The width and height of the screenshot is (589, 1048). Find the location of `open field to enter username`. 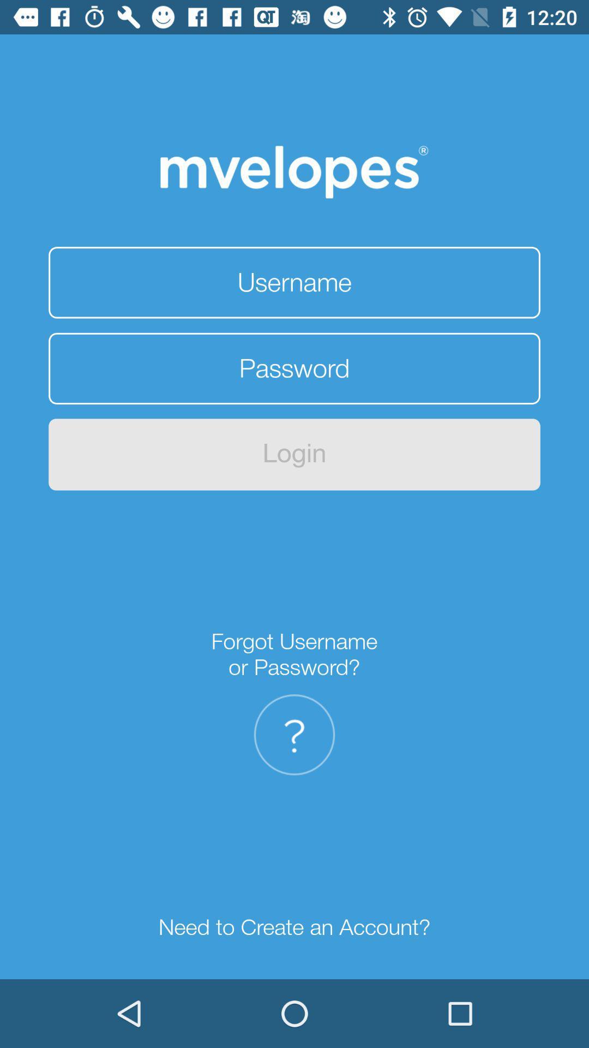

open field to enter username is located at coordinates (294, 282).